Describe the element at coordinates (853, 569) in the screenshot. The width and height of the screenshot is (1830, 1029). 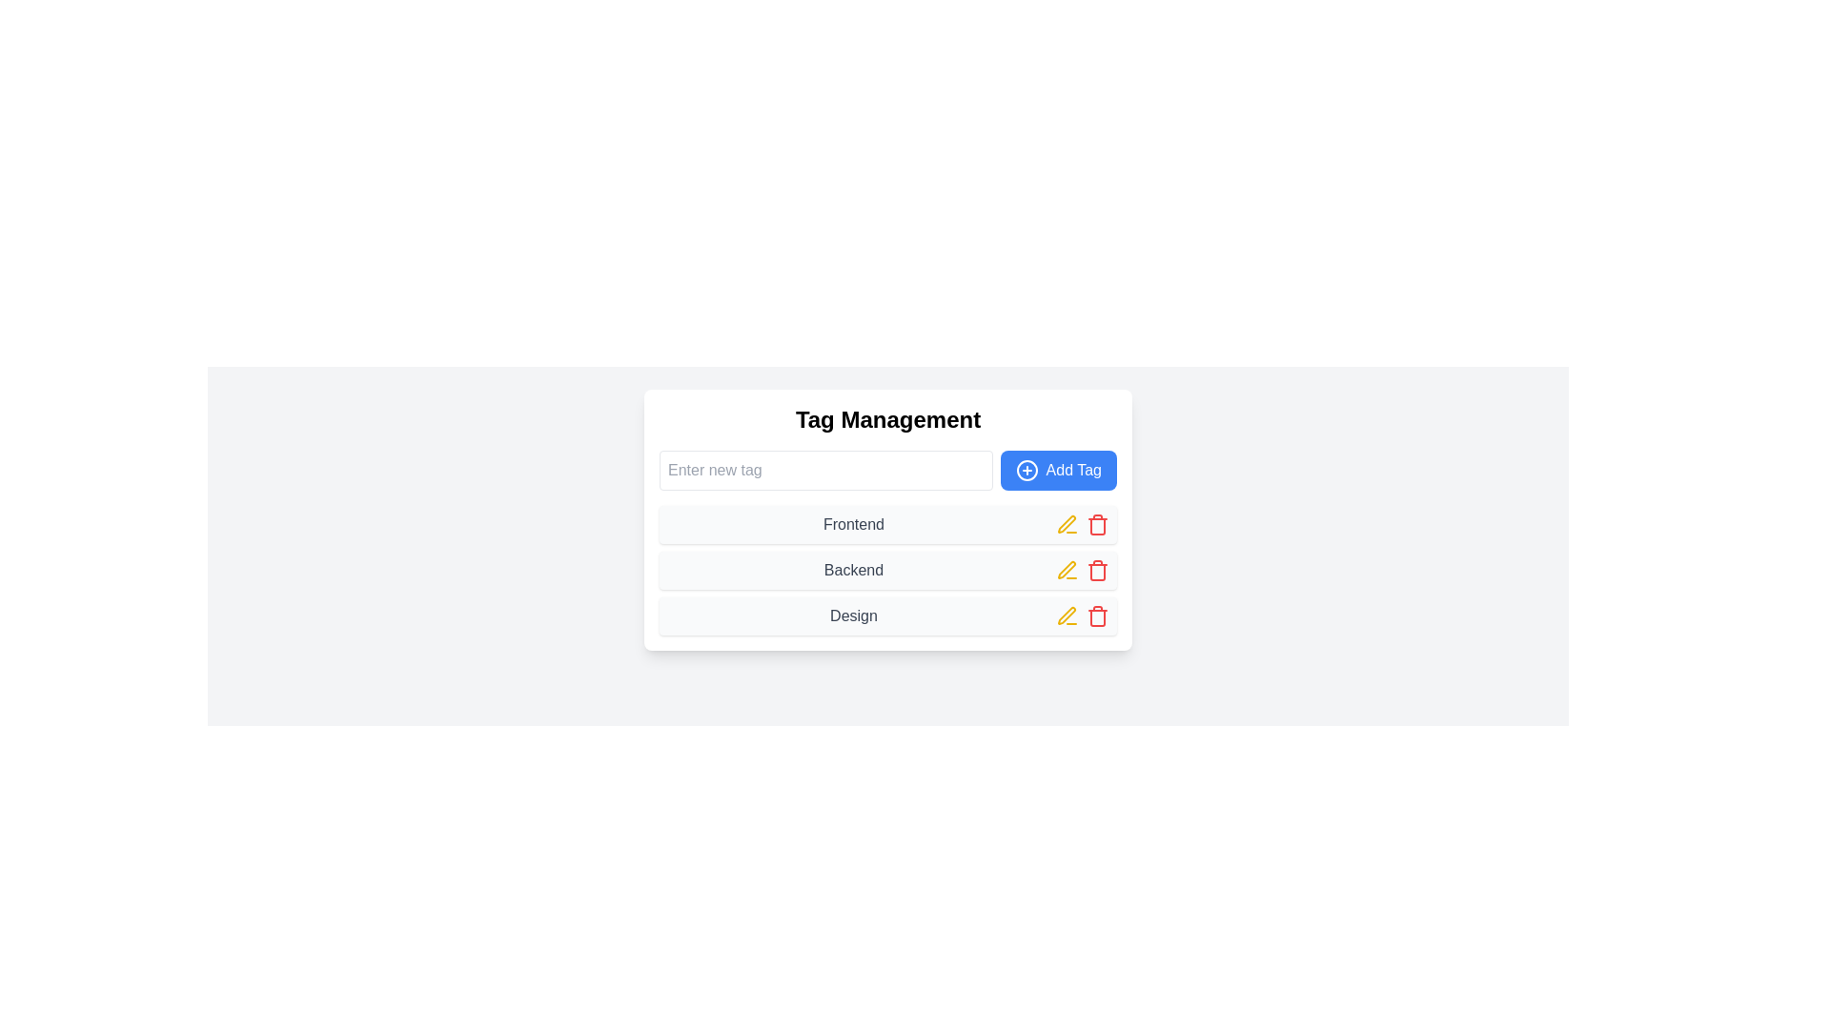
I see `the Label element displaying the text 'Backend' in bold, dark-gray font, which is centered within a light-gray background` at that location.